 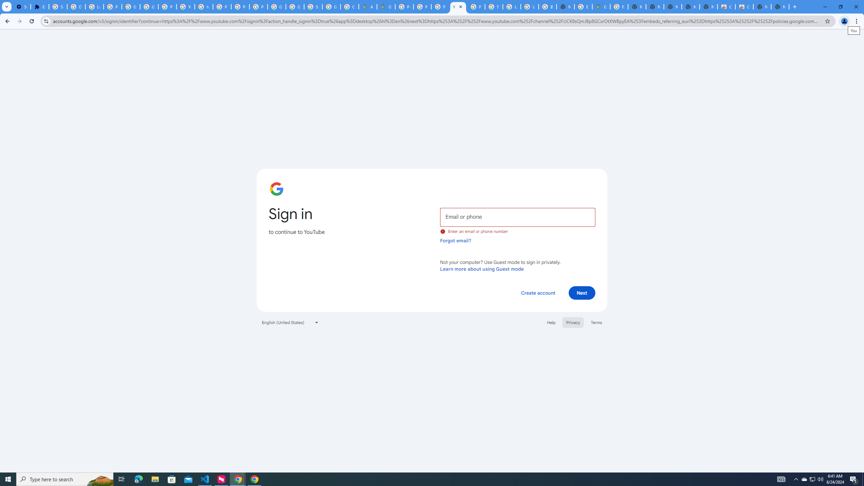 I want to click on 'Google Account Help', so click(x=131, y=6).